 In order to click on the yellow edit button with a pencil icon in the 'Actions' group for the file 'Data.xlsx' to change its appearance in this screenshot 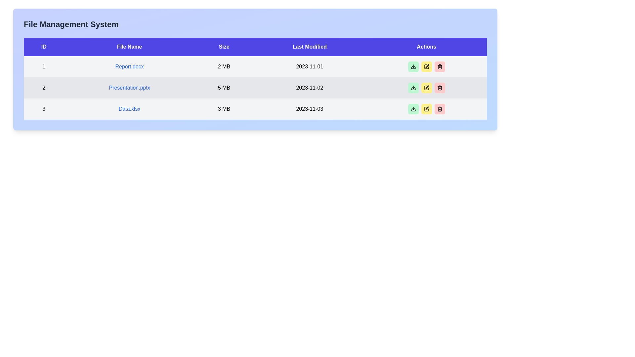, I will do `click(426, 109)`.